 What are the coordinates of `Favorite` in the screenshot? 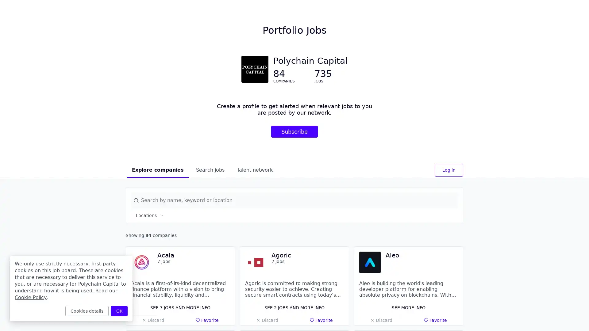 It's located at (207, 320).